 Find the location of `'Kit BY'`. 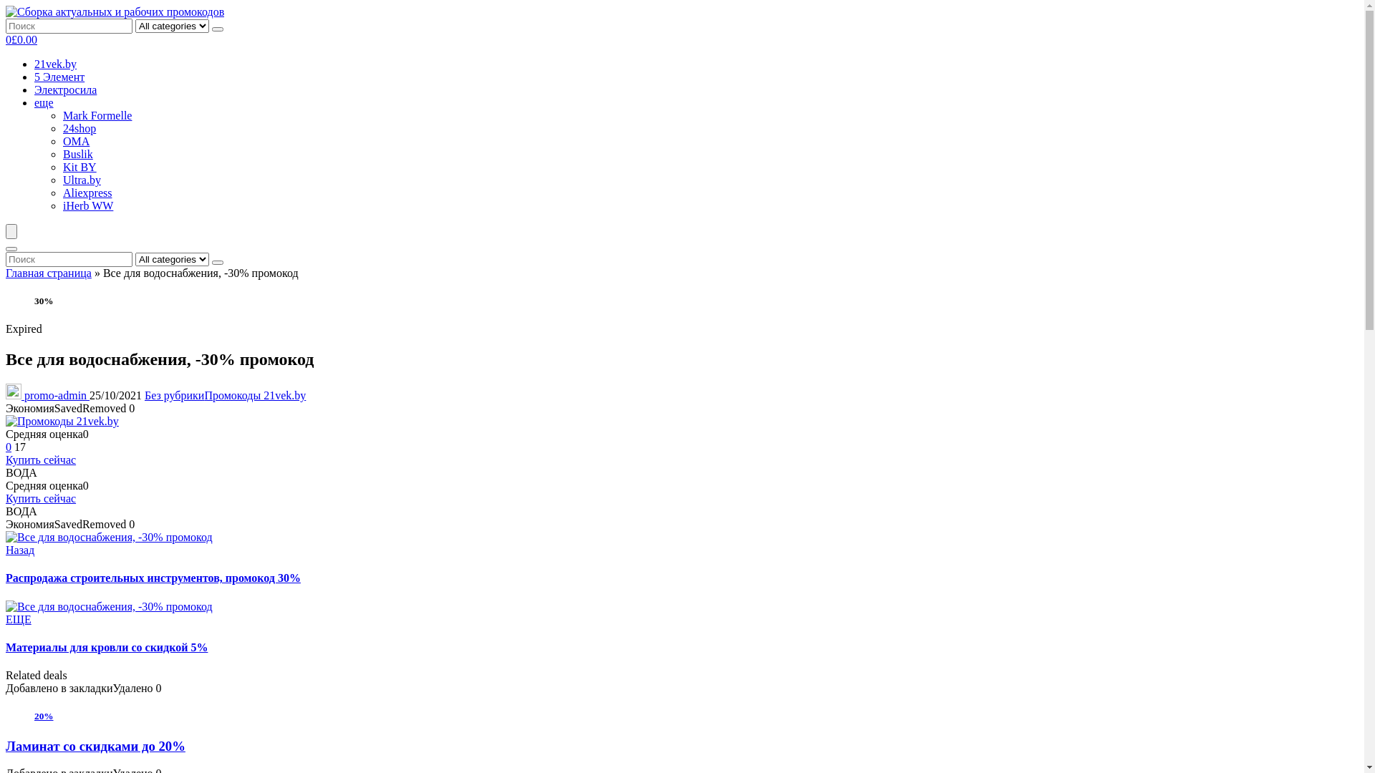

'Kit BY' is located at coordinates (79, 166).